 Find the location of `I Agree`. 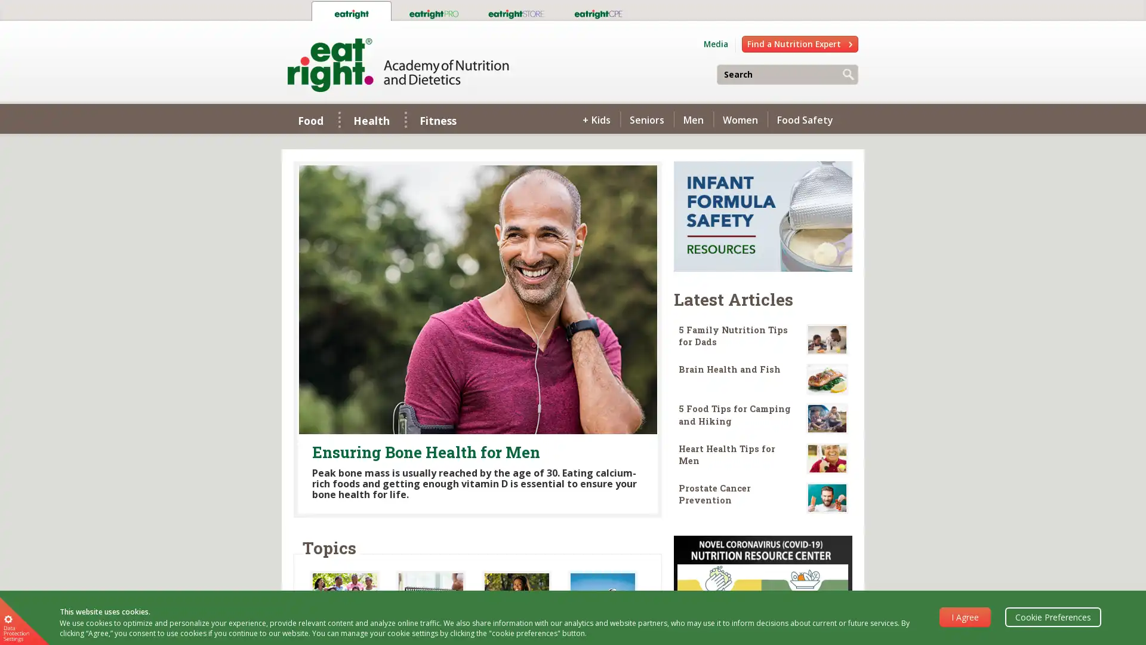

I Agree is located at coordinates (965, 616).